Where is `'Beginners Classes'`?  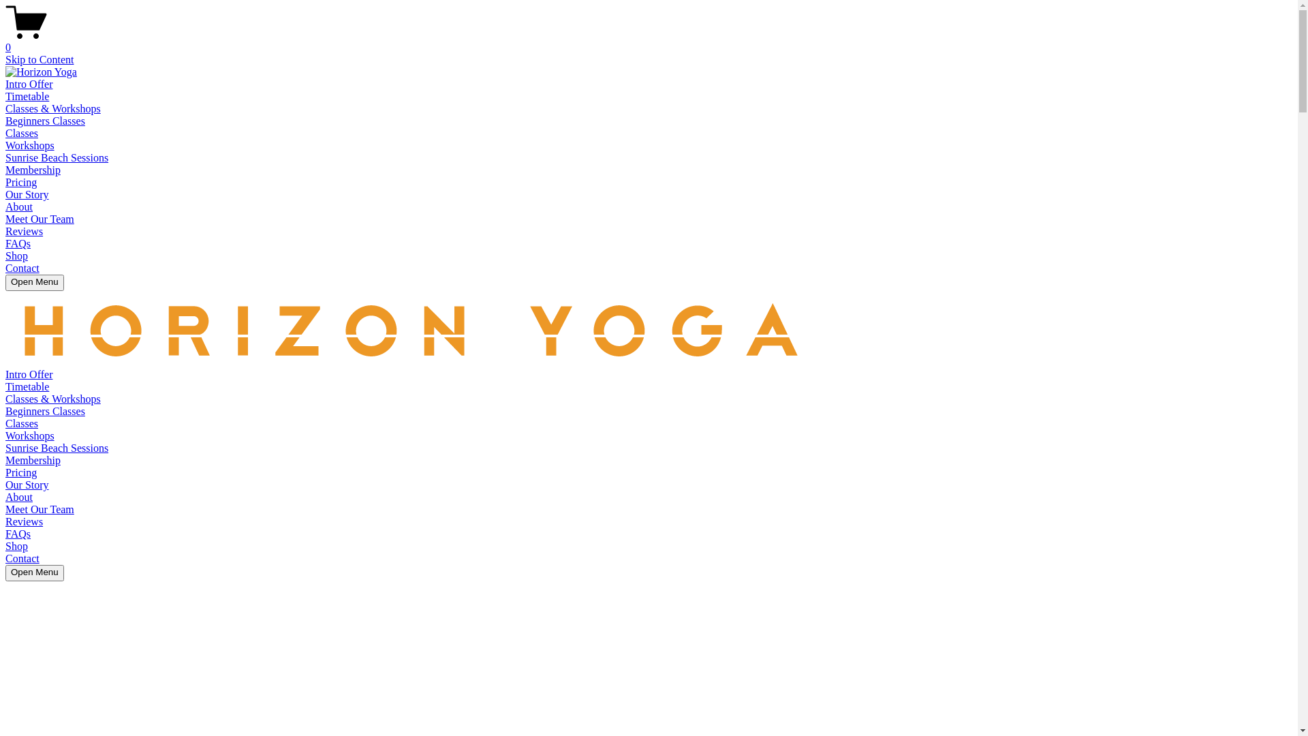
'Beginners Classes' is located at coordinates (45, 120).